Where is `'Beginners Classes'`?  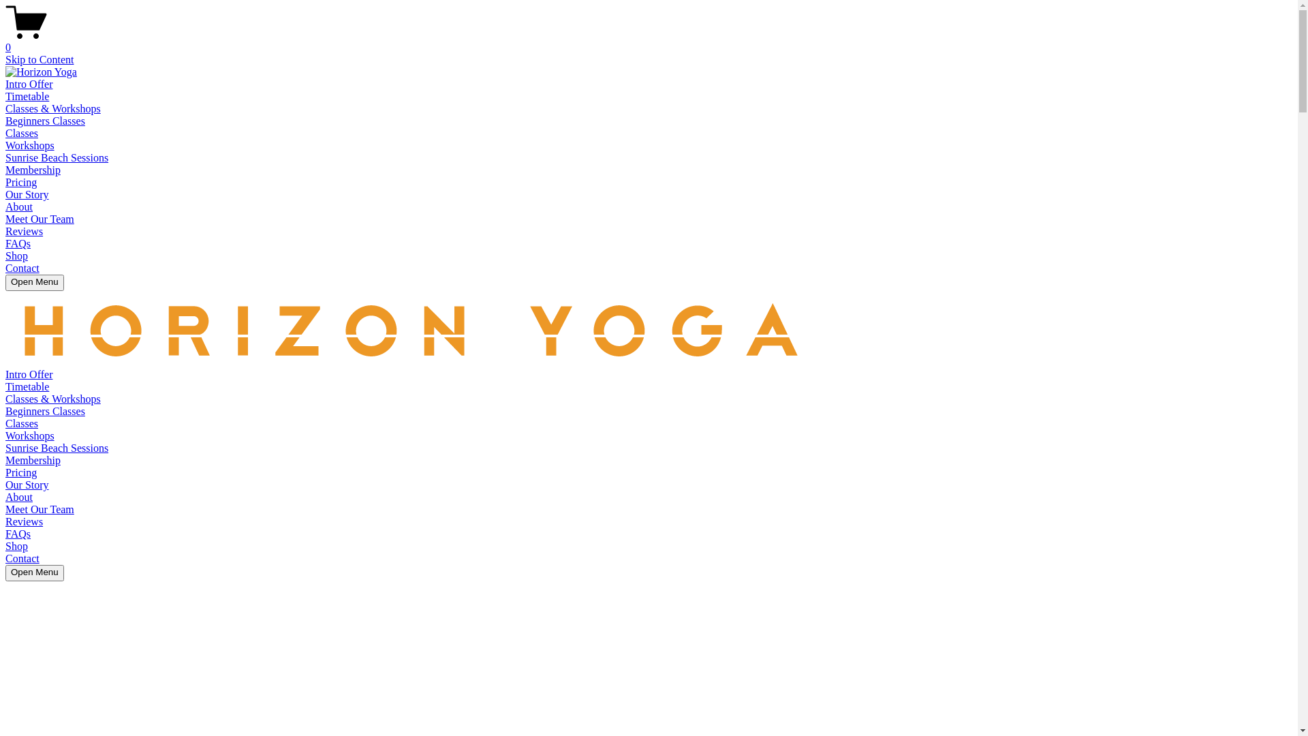
'Beginners Classes' is located at coordinates (45, 120).